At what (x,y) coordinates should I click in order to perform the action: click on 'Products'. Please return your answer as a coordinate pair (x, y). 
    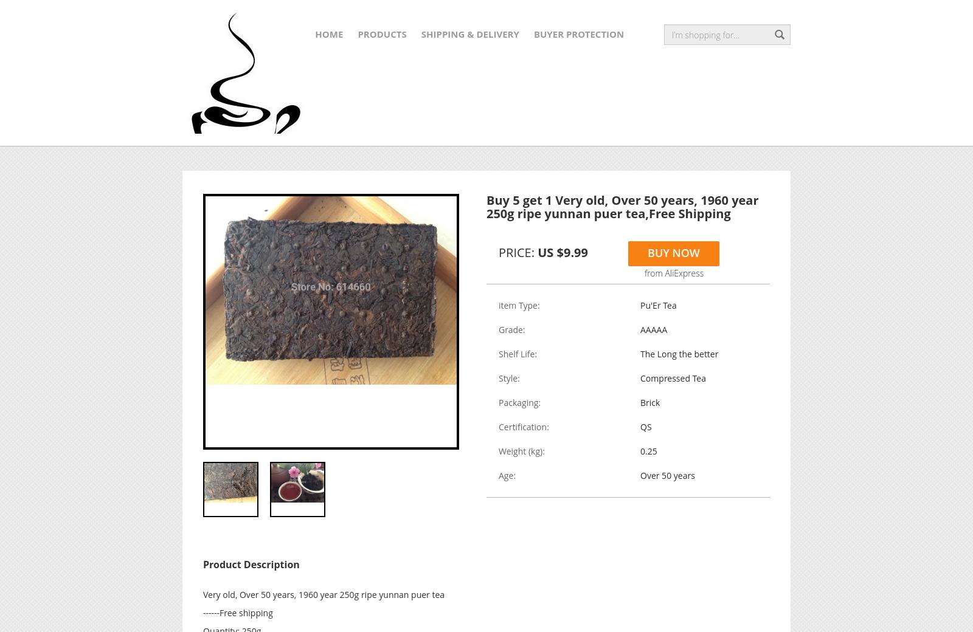
    Looking at the image, I should click on (382, 33).